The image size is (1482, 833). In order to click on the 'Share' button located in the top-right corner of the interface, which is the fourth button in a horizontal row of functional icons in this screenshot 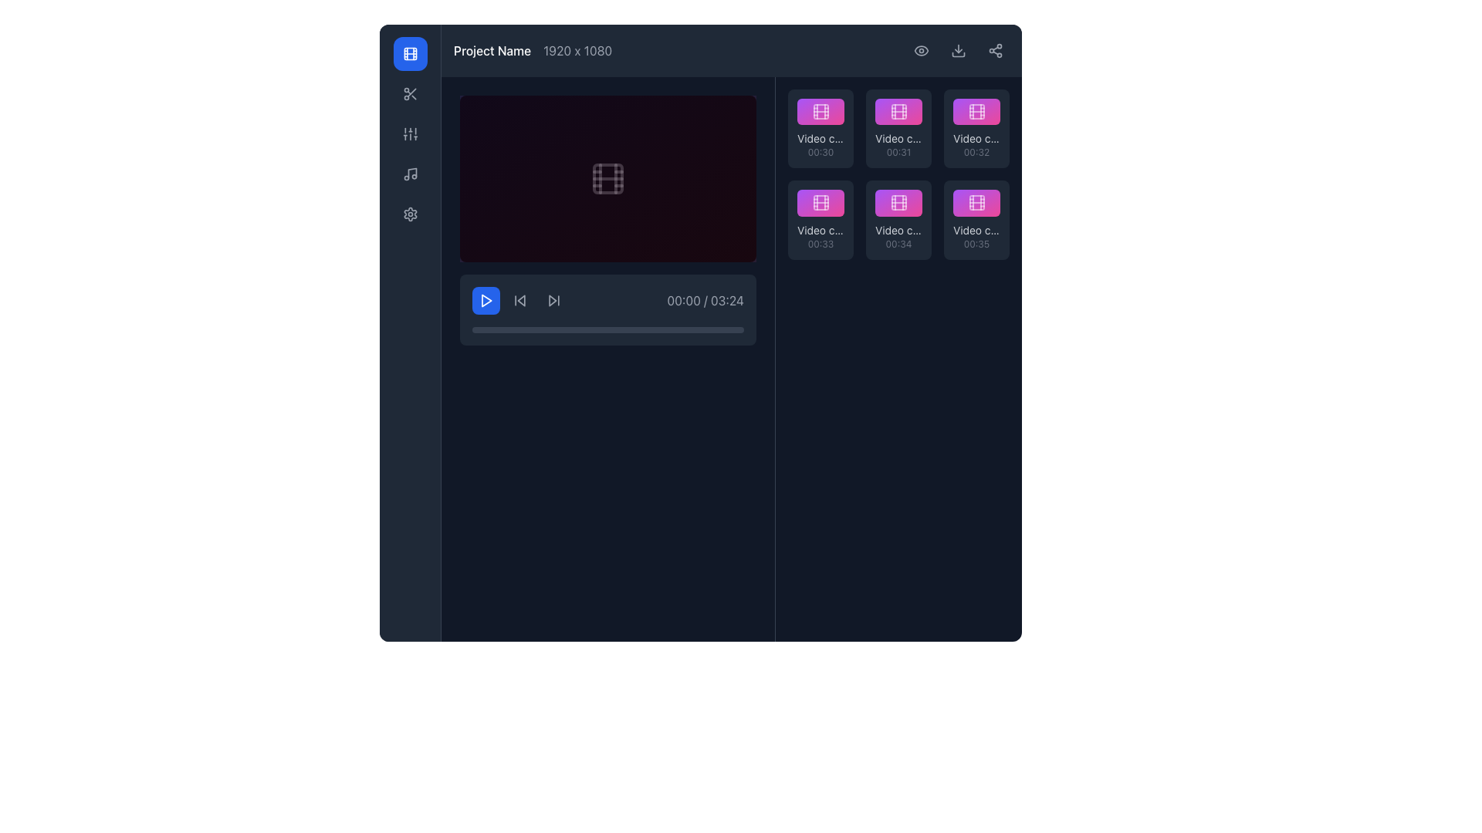, I will do `click(996, 49)`.